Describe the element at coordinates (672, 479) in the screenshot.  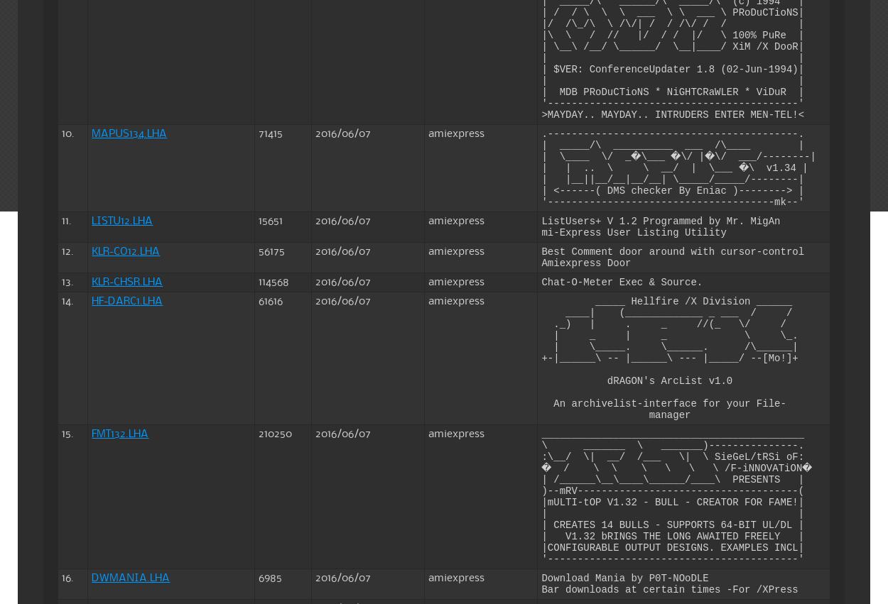
I see `'| /______\__\____\______/____\  PRESENTS   |'` at that location.